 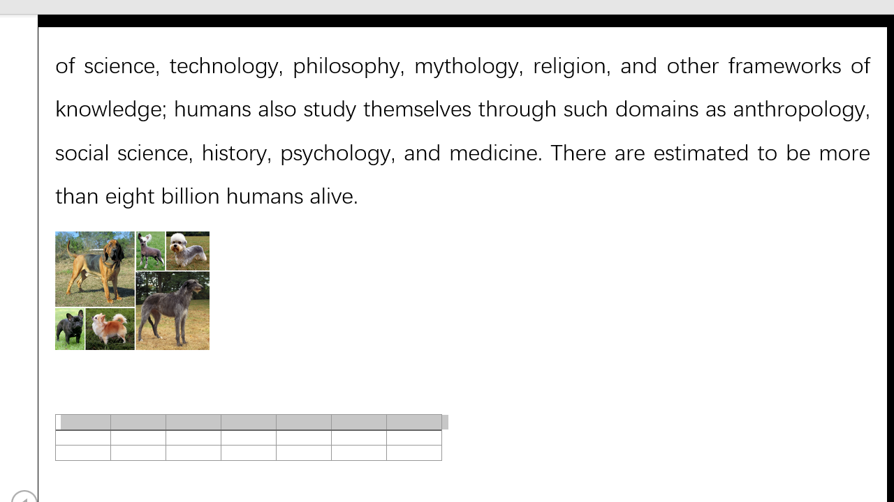 I want to click on 'Morphological variation in six dogs', so click(x=131, y=289).